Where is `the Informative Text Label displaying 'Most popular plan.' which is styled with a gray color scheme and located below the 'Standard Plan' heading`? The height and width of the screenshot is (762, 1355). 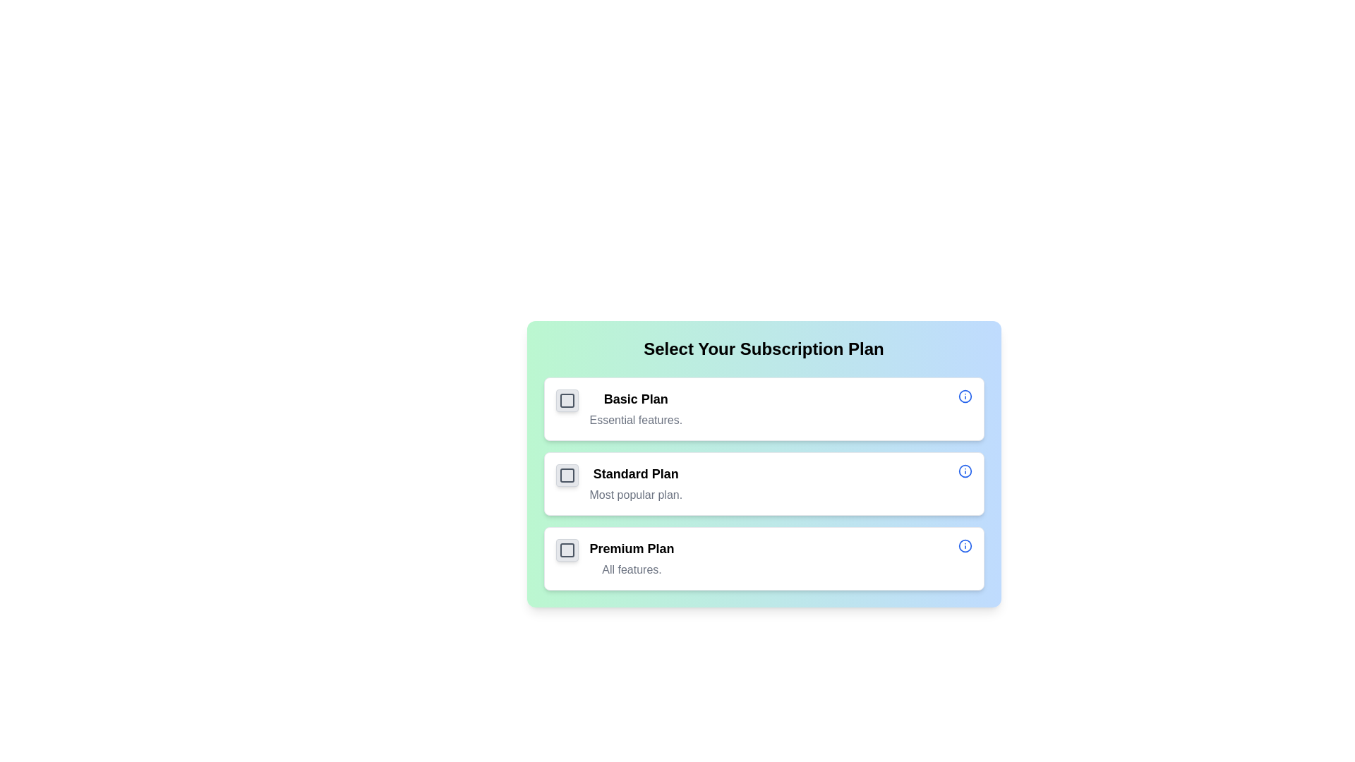 the Informative Text Label displaying 'Most popular plan.' which is styled with a gray color scheme and located below the 'Standard Plan' heading is located at coordinates (635, 495).